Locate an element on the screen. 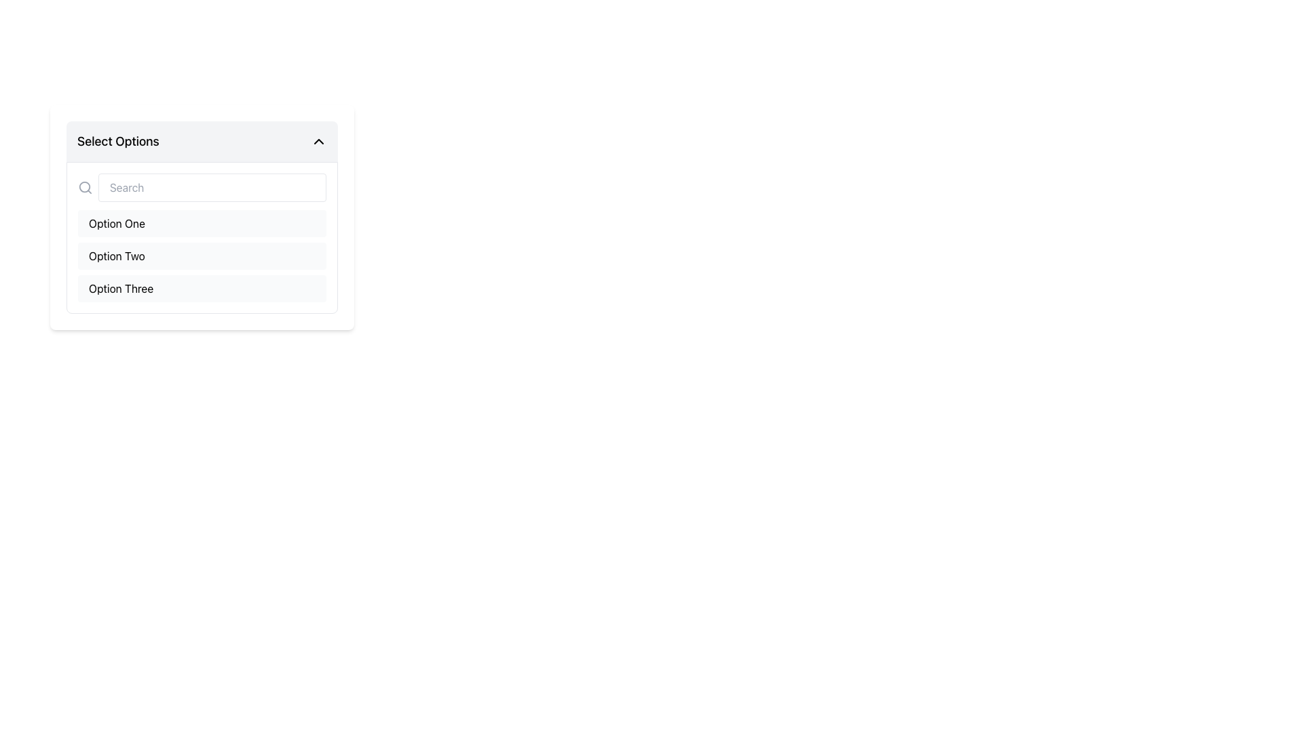  the Dropdown activator row labeled 'Select Options' is located at coordinates (201, 141).